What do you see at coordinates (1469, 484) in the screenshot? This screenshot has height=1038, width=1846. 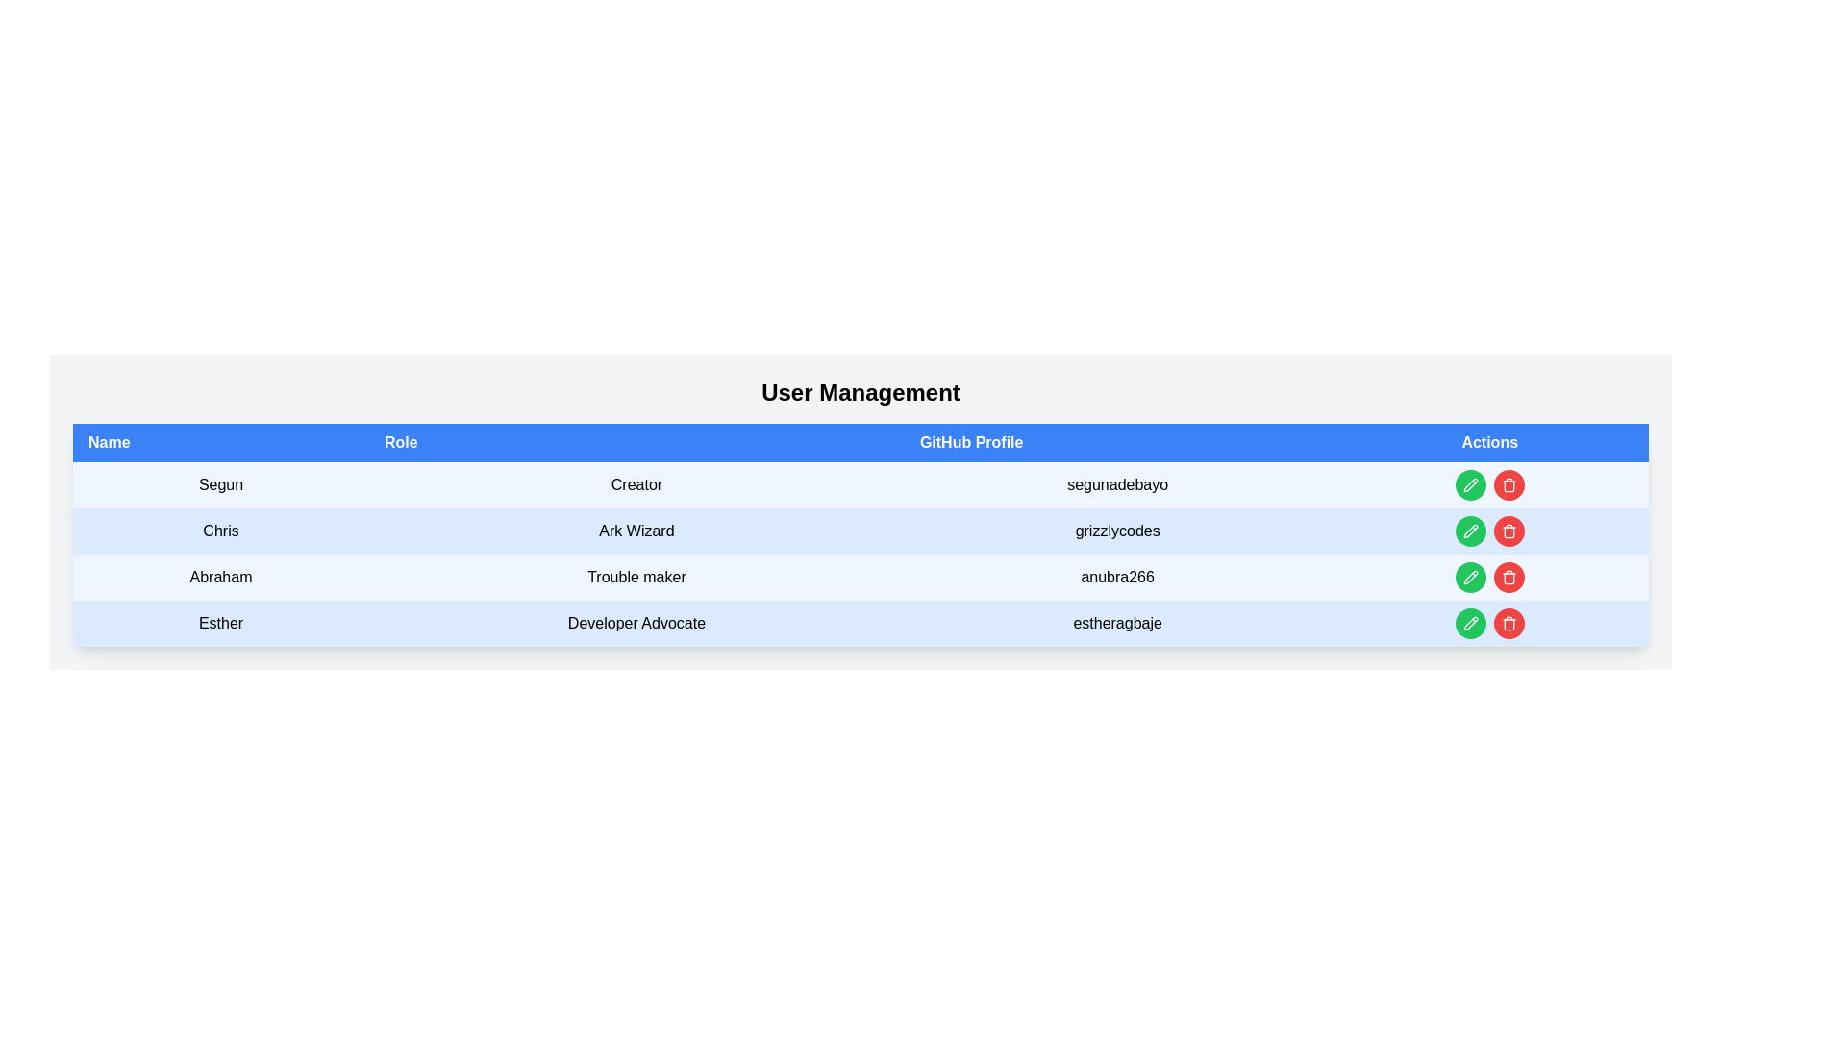 I see `the edit button located in the 'Actions' column of the first row to observe its darker shade of green` at bounding box center [1469, 484].